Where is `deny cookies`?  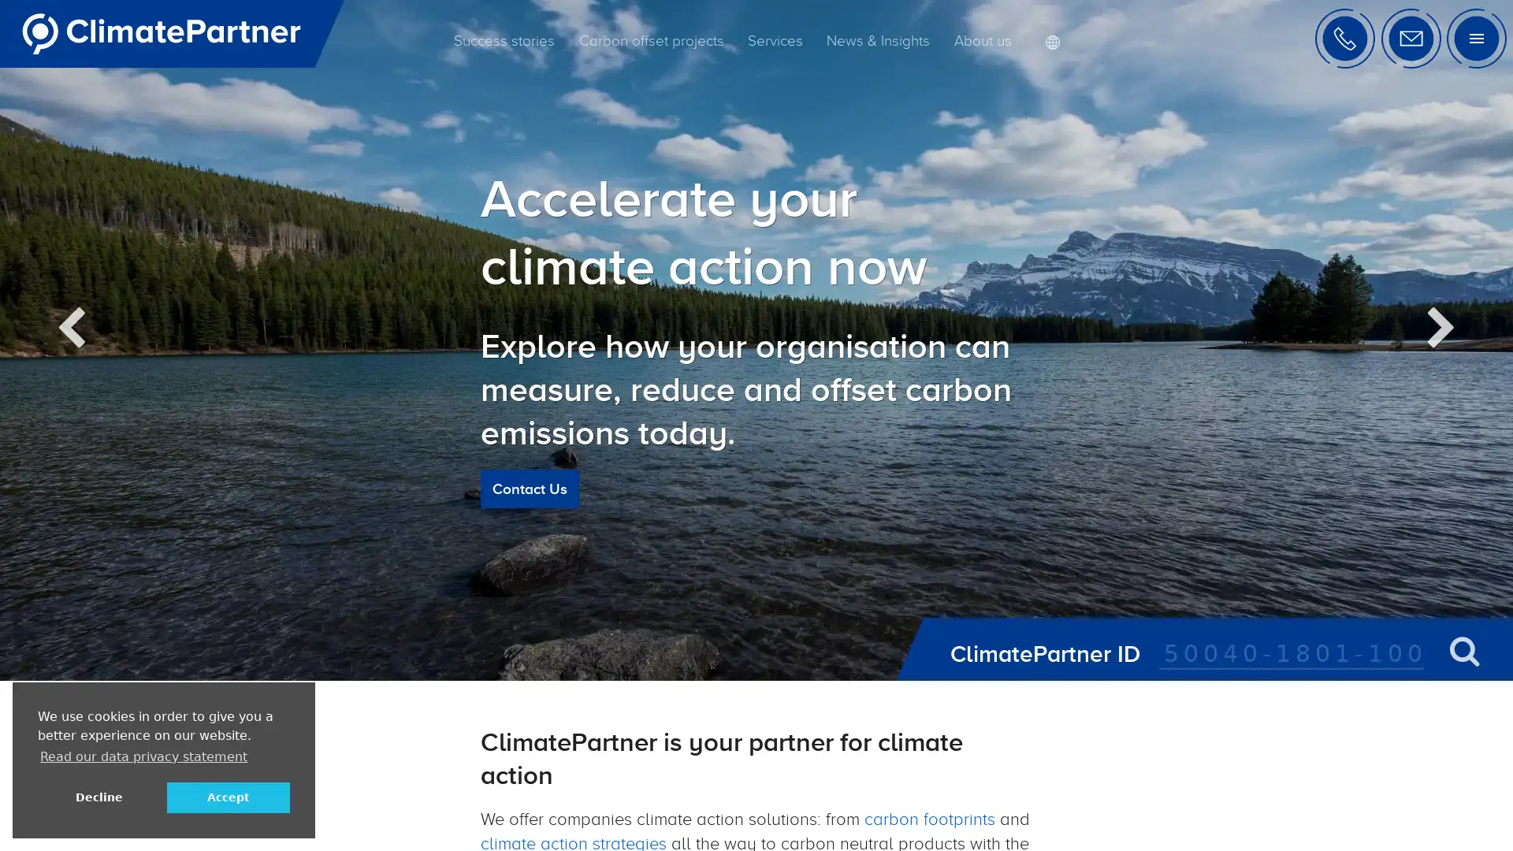 deny cookies is located at coordinates (98, 797).